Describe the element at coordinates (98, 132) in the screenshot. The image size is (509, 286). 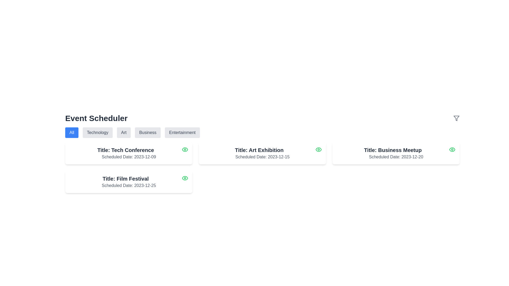
I see `the 'Technology' filter button located immediately to the right of the 'All' button in the Event Scheduler interface` at that location.